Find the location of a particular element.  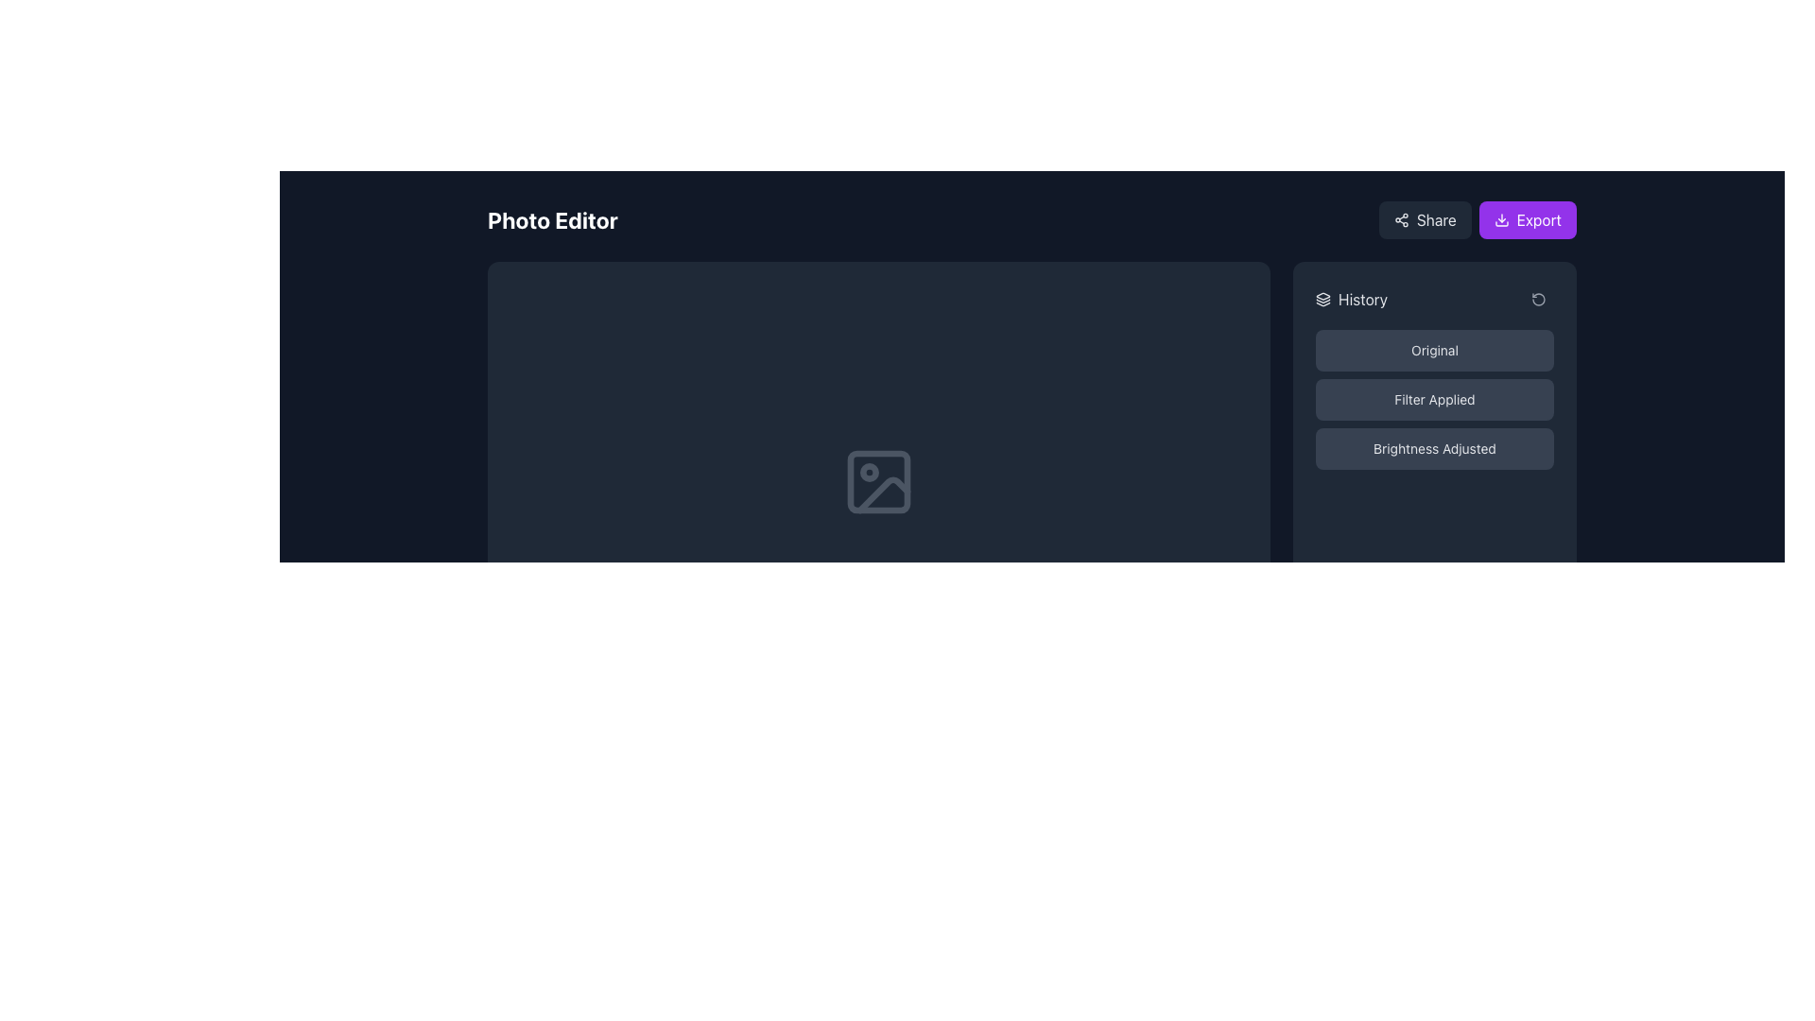

the 'Original' button, which is a rectangular button with rounded corners, dark gray background, and white text, located at the top of a group of buttons in the right sidebar is located at coordinates (1434, 350).